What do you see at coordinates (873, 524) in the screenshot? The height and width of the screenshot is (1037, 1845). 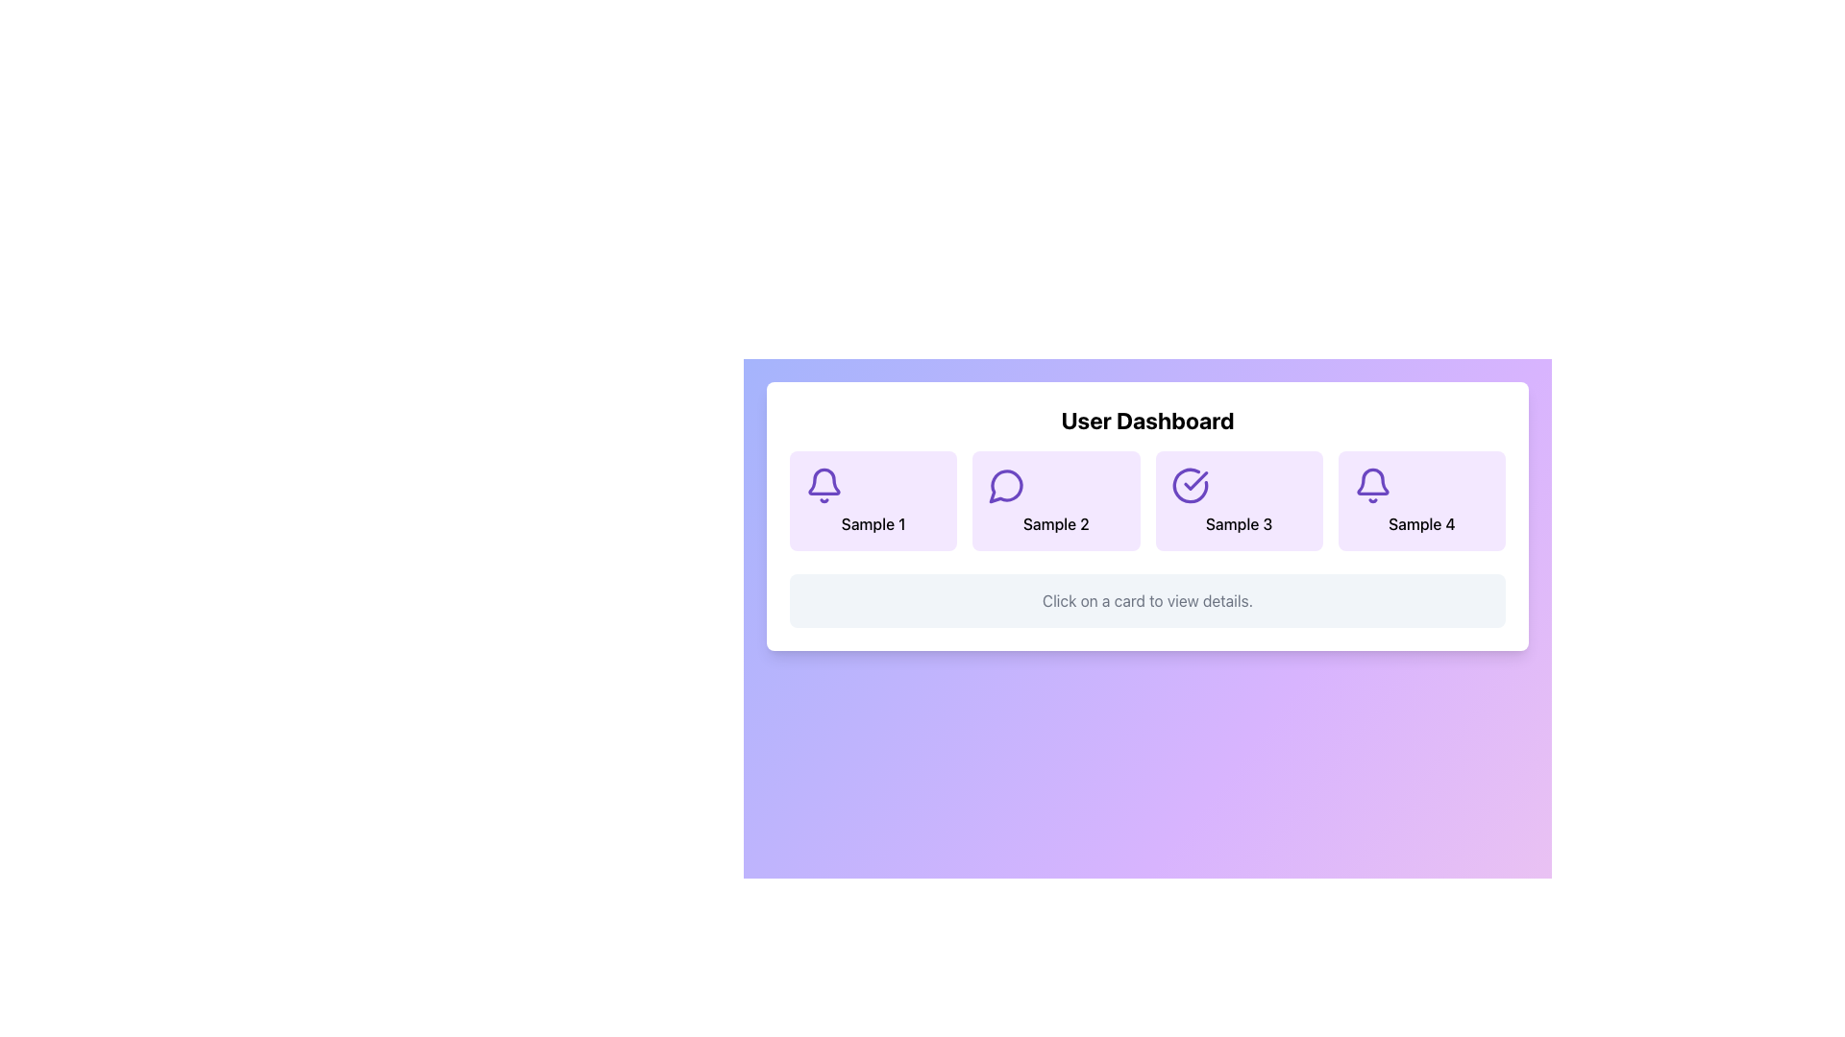 I see `the Text Label located at the bottom center of the first card, which provides additional information about the card's content, positioned below a bell icon` at bounding box center [873, 524].